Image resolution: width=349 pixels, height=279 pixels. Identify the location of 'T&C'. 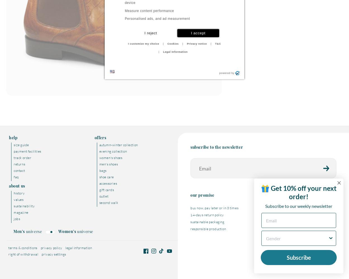
(218, 44).